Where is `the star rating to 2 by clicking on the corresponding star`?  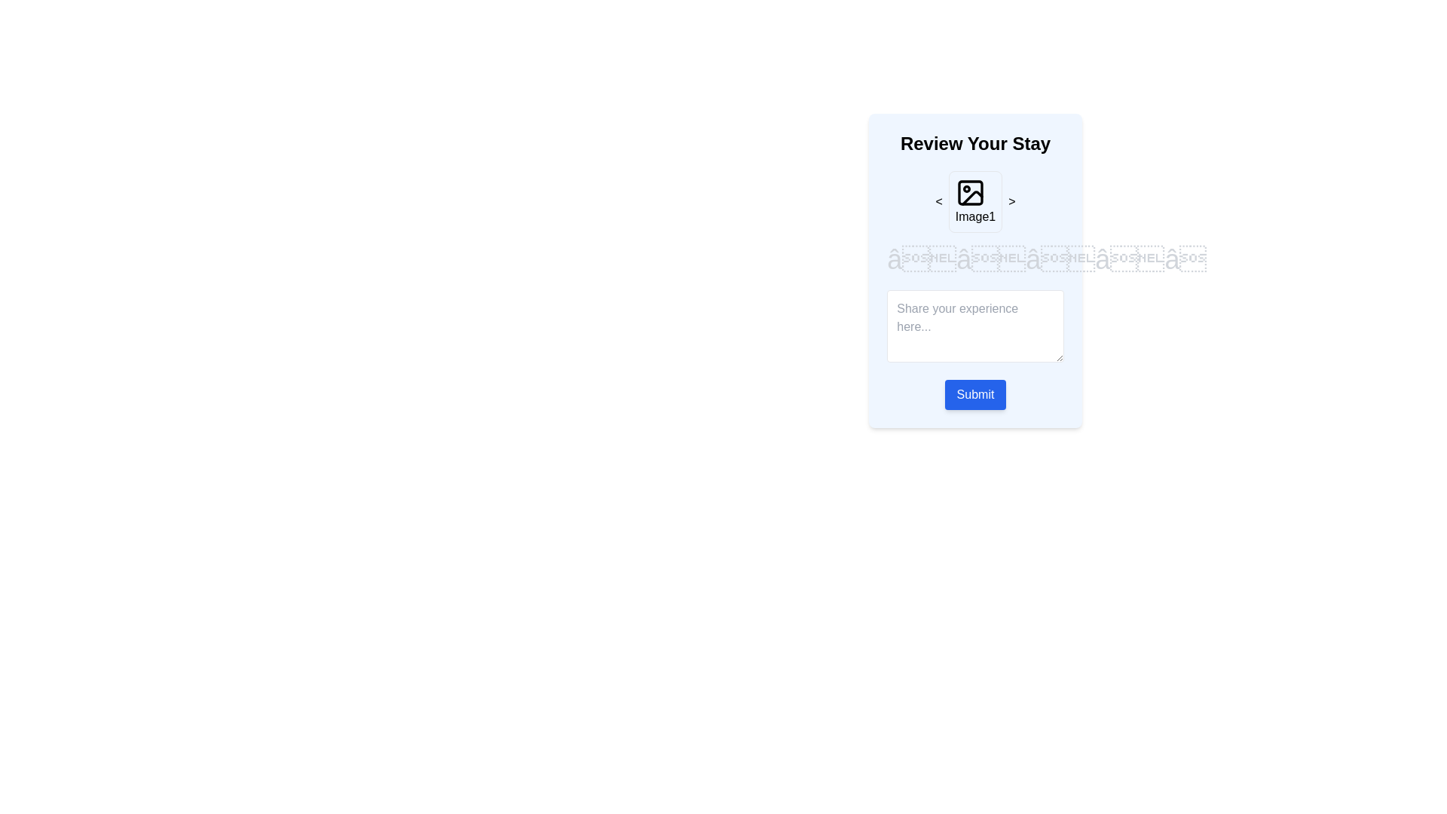 the star rating to 2 by clicking on the corresponding star is located at coordinates (991, 259).